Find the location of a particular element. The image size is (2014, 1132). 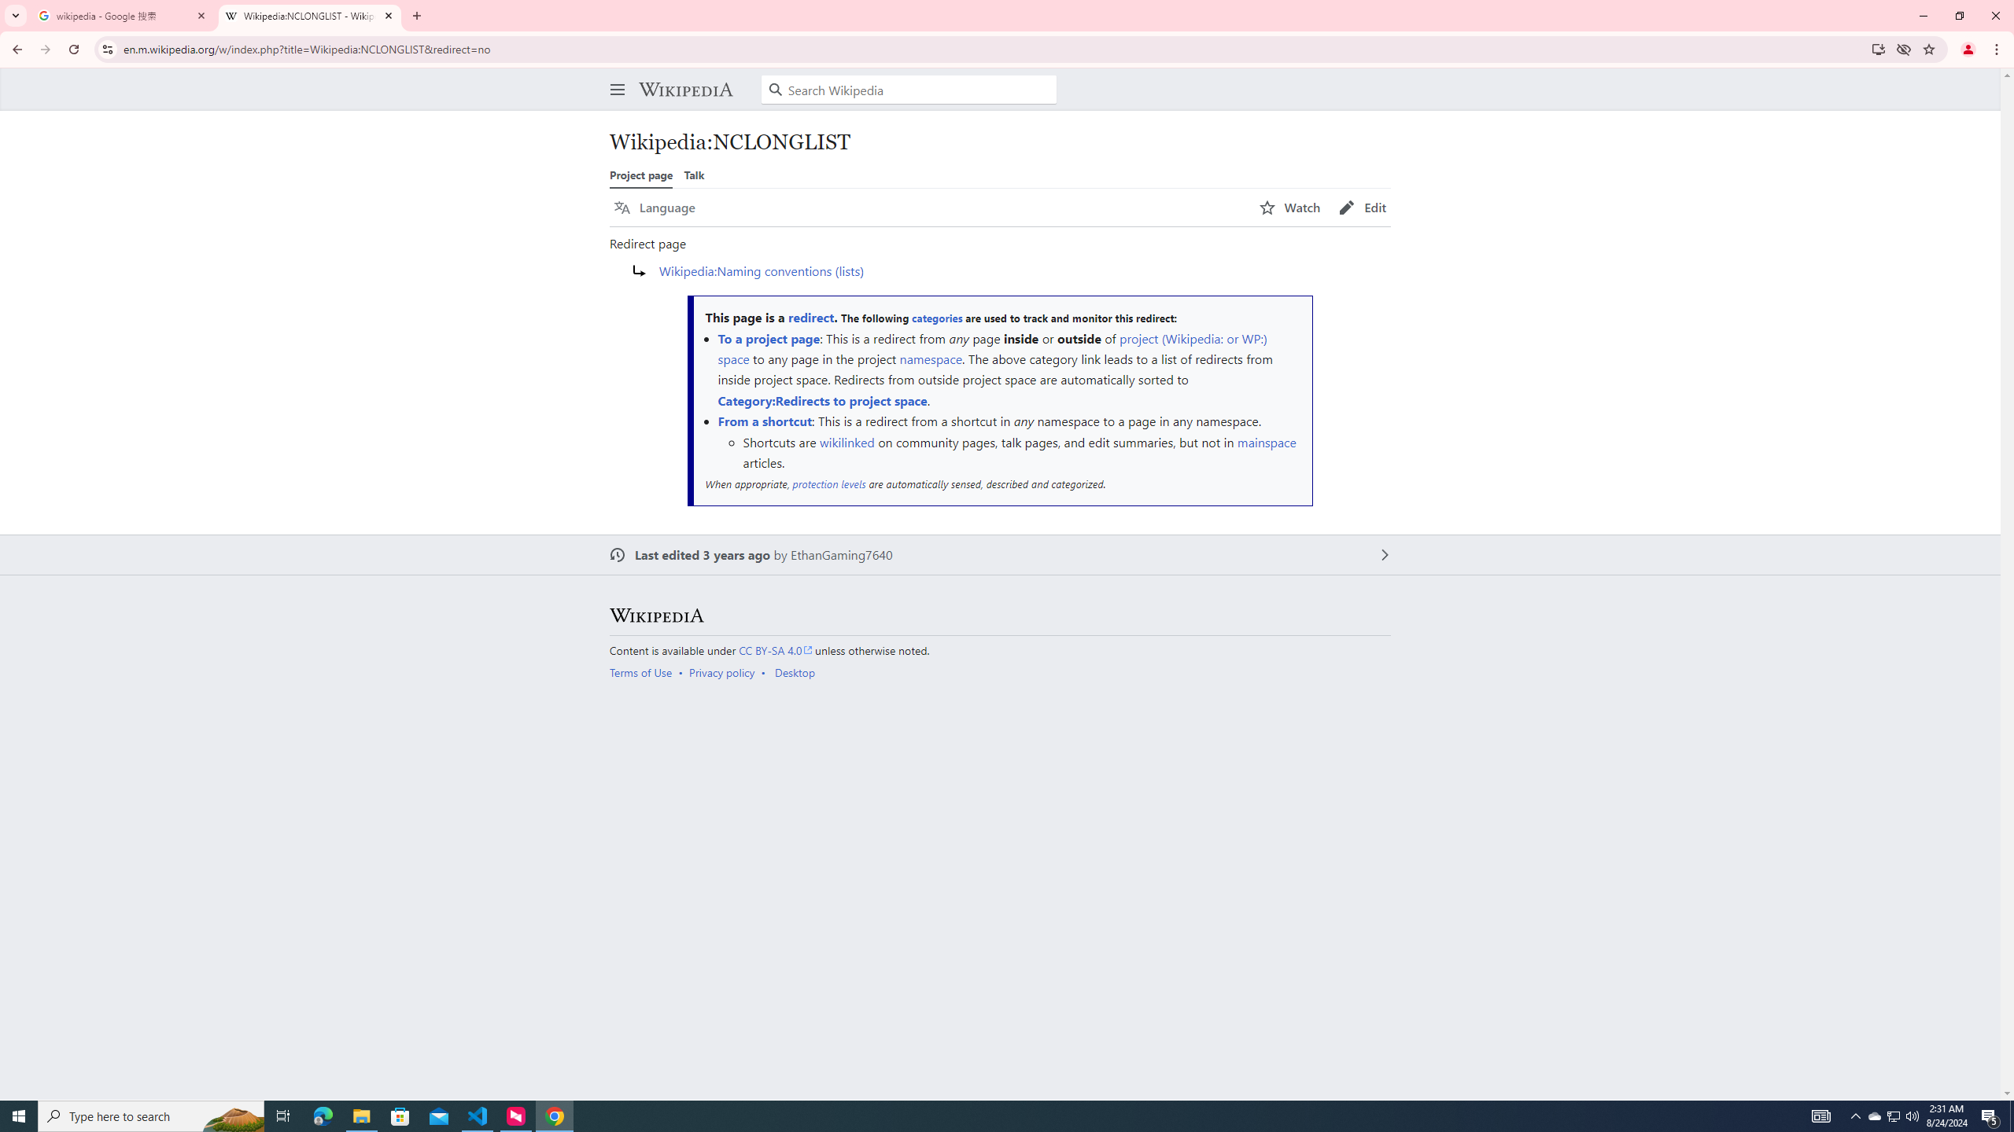

'Project page' is located at coordinates (640, 175).